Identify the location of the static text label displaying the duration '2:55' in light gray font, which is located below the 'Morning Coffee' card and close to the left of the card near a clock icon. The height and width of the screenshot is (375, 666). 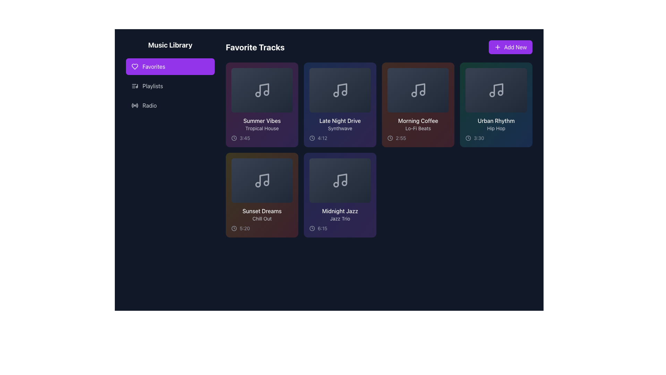
(401, 138).